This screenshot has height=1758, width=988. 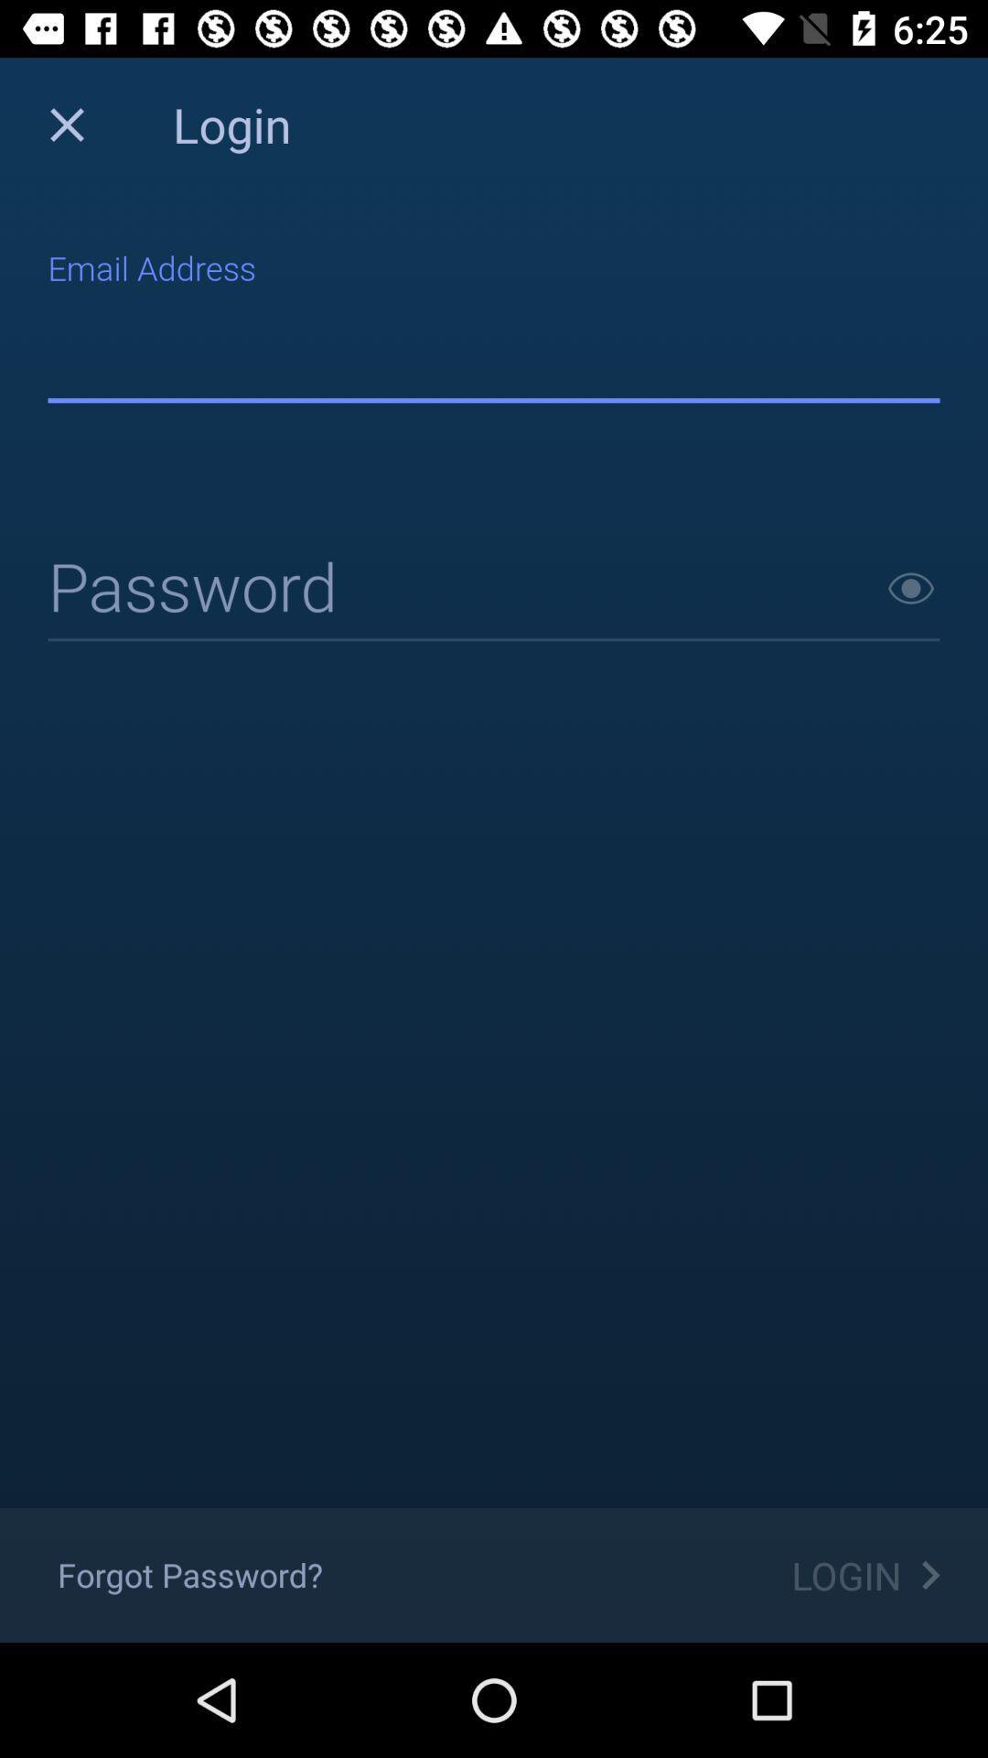 I want to click on password, so click(x=910, y=588).